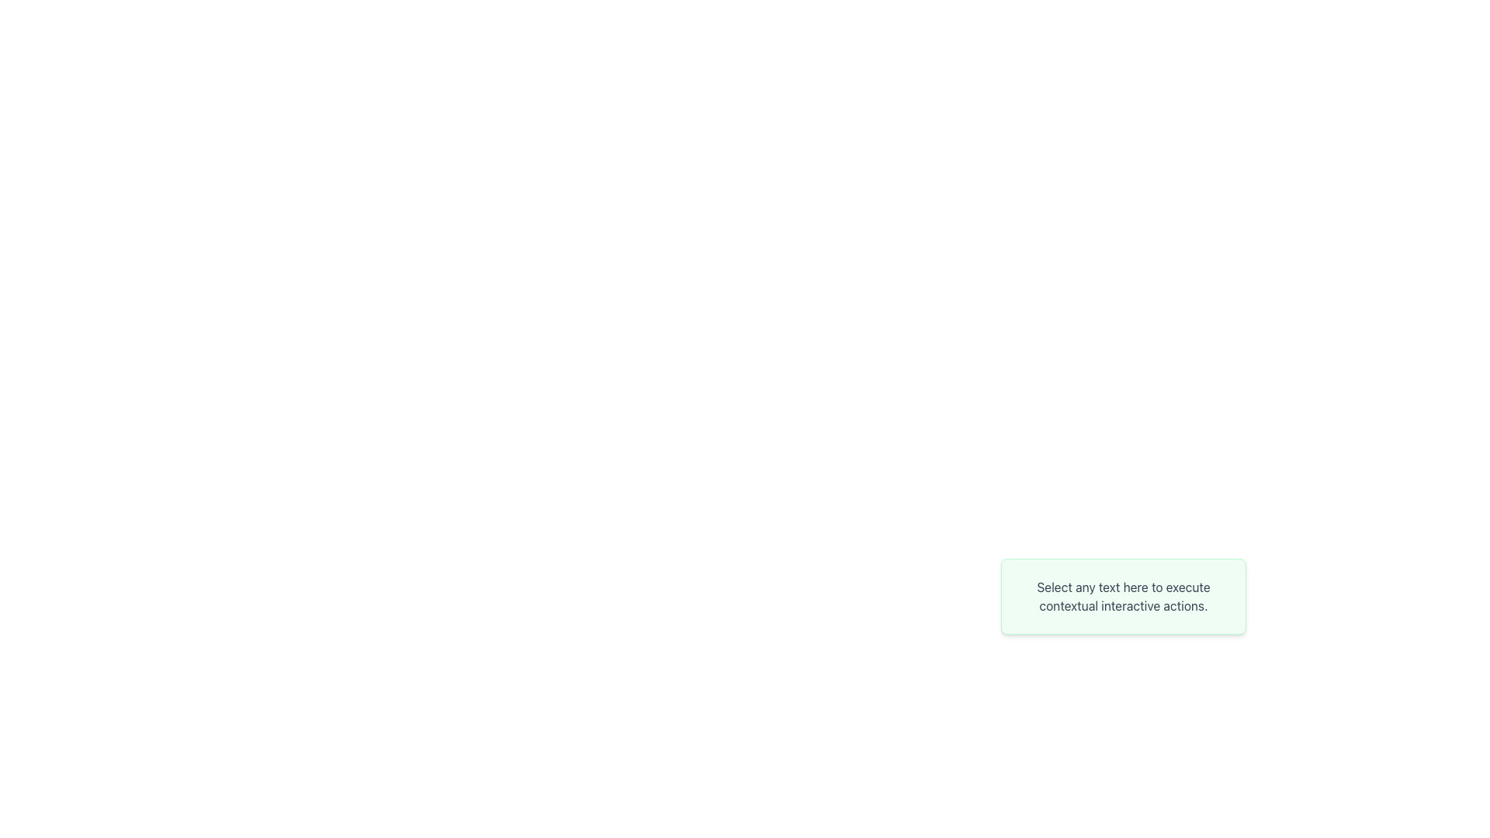 Image resolution: width=1490 pixels, height=838 pixels. What do you see at coordinates (1124, 595) in the screenshot?
I see `information displayed in the text display box with a light green background and grey border, which contains the text 'Select any text here to execute contextual interactive actions.'` at bounding box center [1124, 595].